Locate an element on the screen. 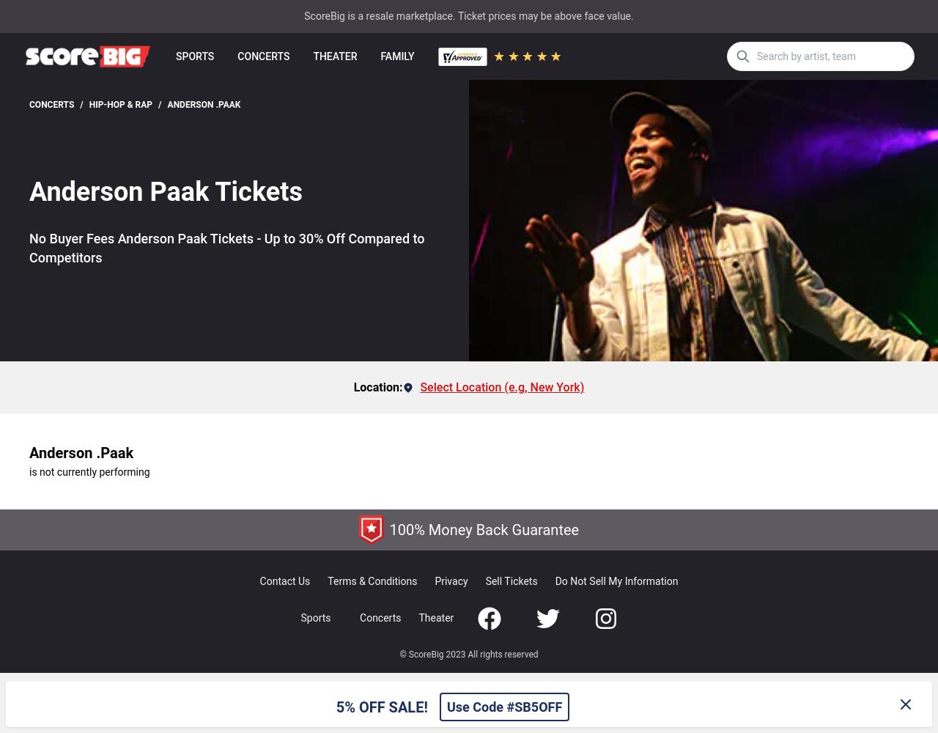 This screenshot has width=938, height=733. '100% Money Back Guarantee' is located at coordinates (484, 528).